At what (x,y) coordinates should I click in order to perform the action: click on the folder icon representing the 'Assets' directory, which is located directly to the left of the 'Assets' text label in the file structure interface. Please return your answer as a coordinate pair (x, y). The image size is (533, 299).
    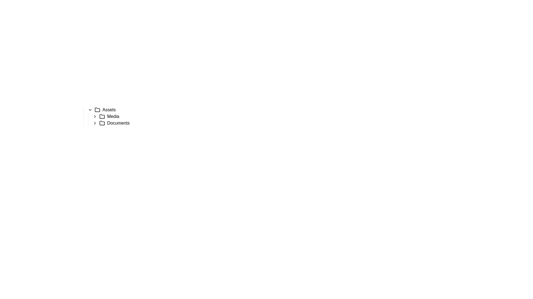
    Looking at the image, I should click on (97, 110).